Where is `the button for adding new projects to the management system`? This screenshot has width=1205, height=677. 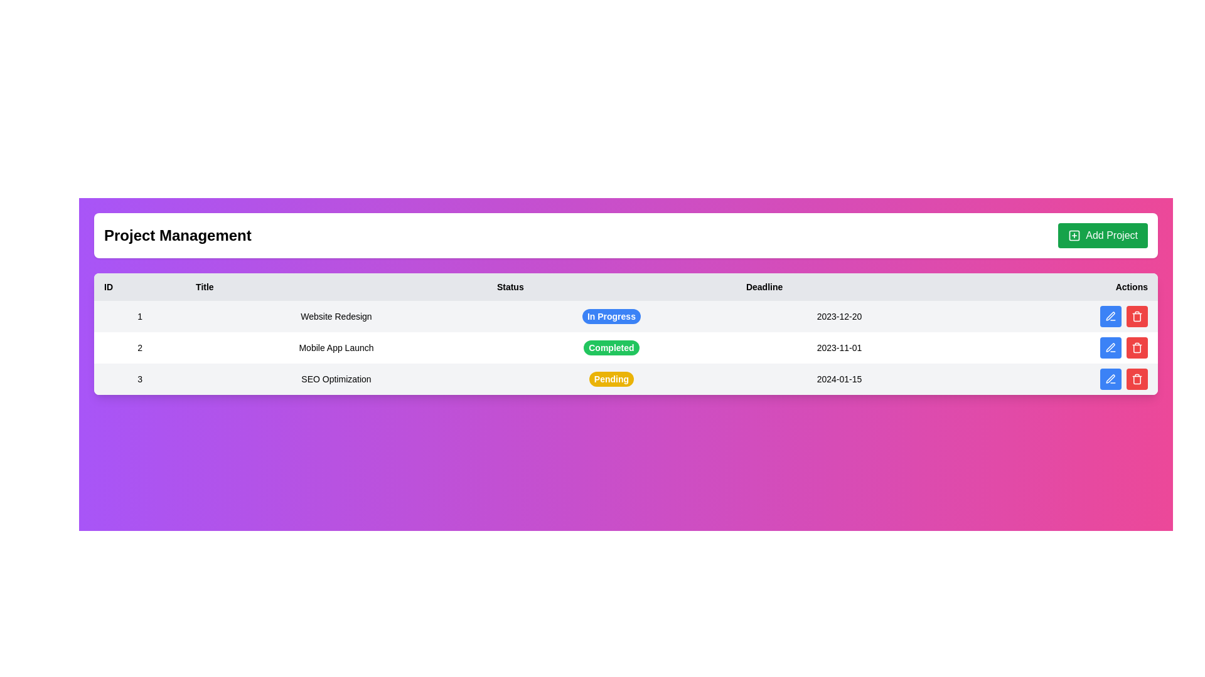
the button for adding new projects to the management system is located at coordinates (1102, 235).